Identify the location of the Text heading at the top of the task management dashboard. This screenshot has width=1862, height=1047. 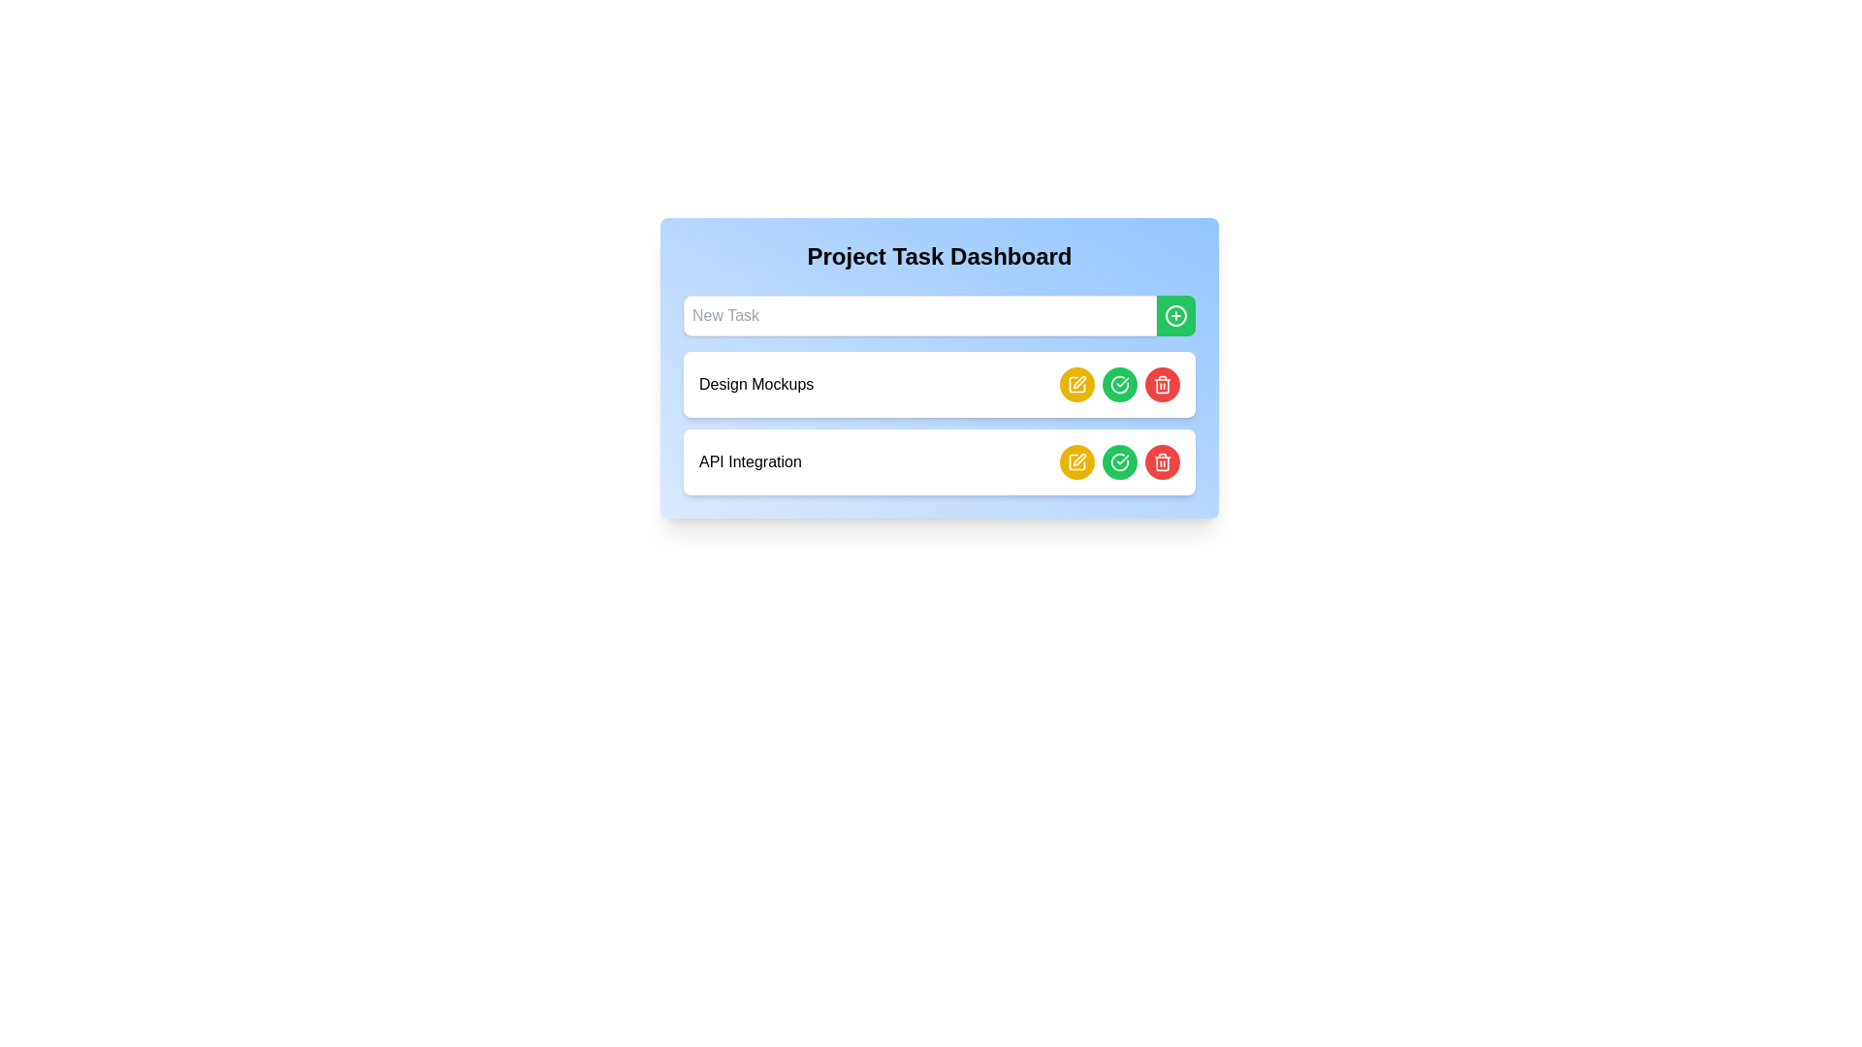
(940, 256).